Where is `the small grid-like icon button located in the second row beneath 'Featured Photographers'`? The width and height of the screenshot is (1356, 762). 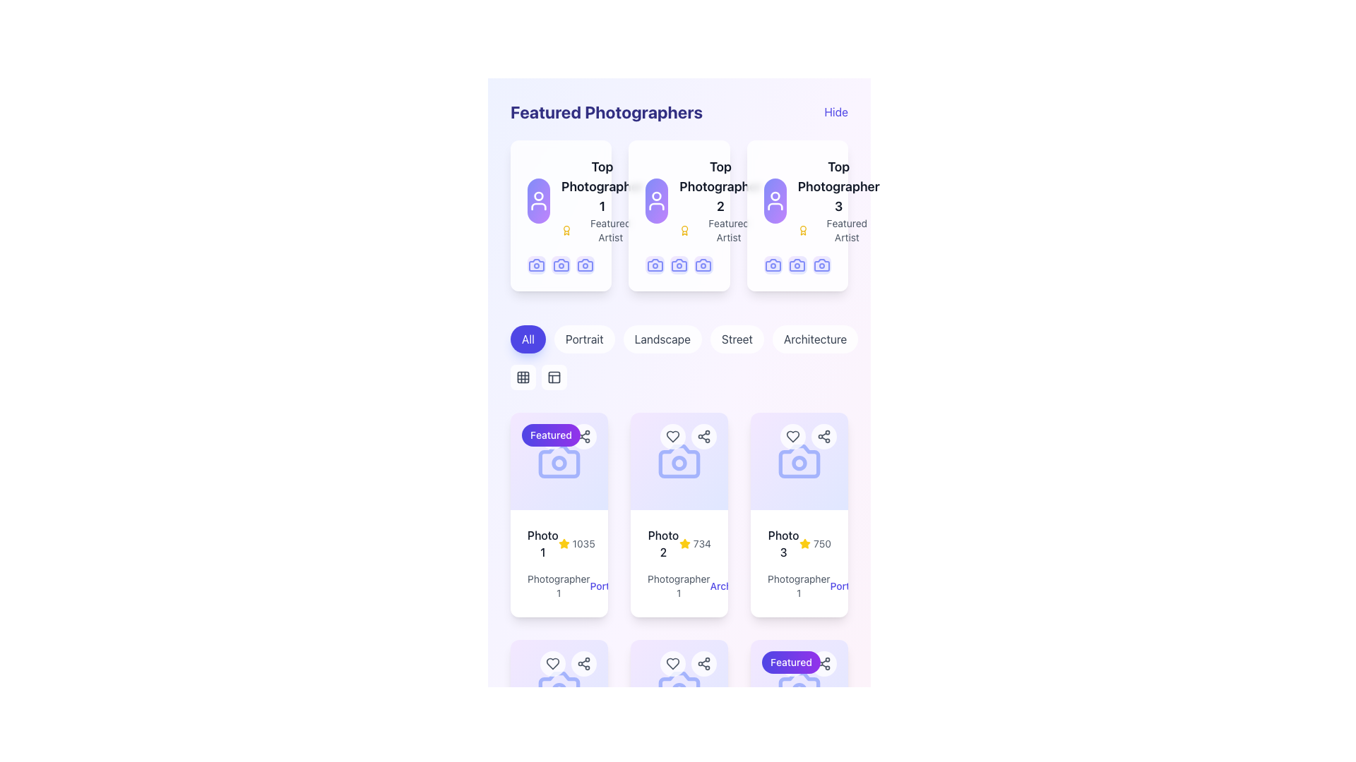
the small grid-like icon button located in the second row beneath 'Featured Photographers' is located at coordinates (522, 377).